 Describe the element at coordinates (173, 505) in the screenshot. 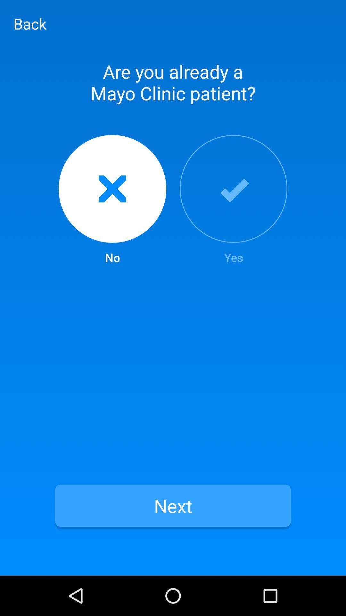

I see `next icon` at that location.